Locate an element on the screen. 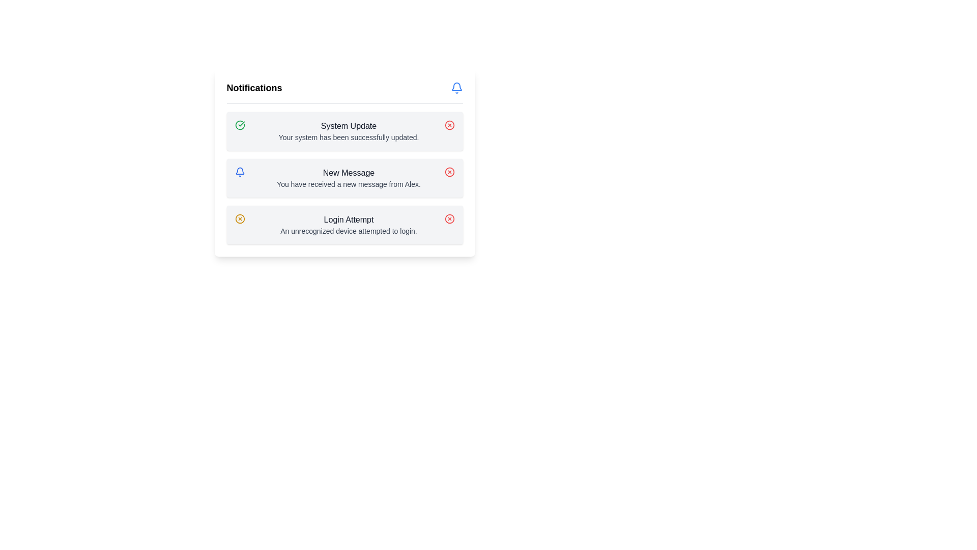 This screenshot has width=977, height=550. the security-related notification card regarding the unsuccessful login attempt, which is the third card in a vertical stack of notifications is located at coordinates (344, 225).